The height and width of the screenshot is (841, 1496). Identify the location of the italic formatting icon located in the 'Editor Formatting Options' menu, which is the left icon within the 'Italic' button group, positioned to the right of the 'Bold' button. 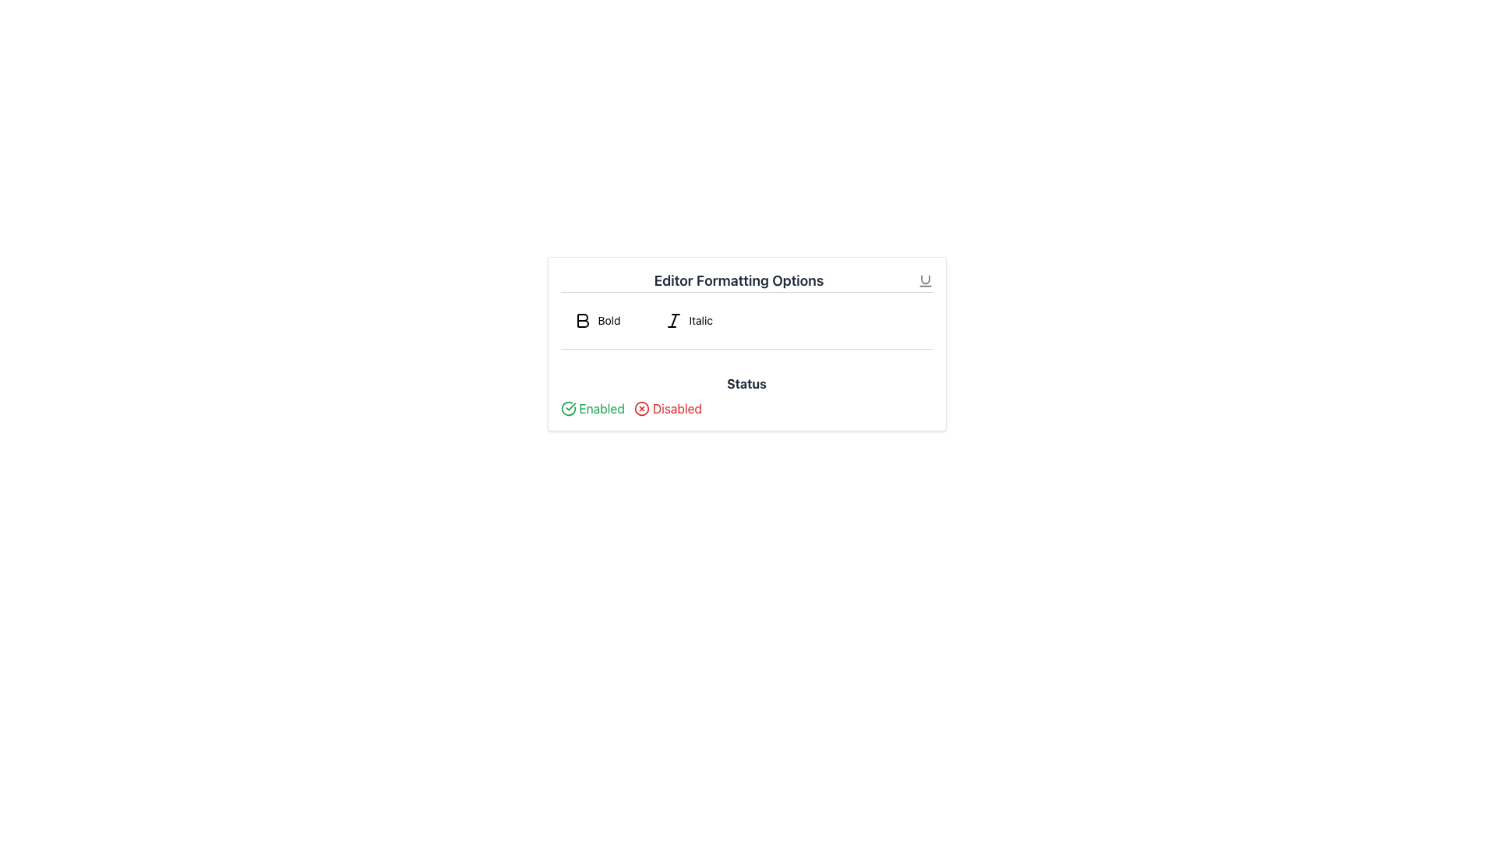
(673, 320).